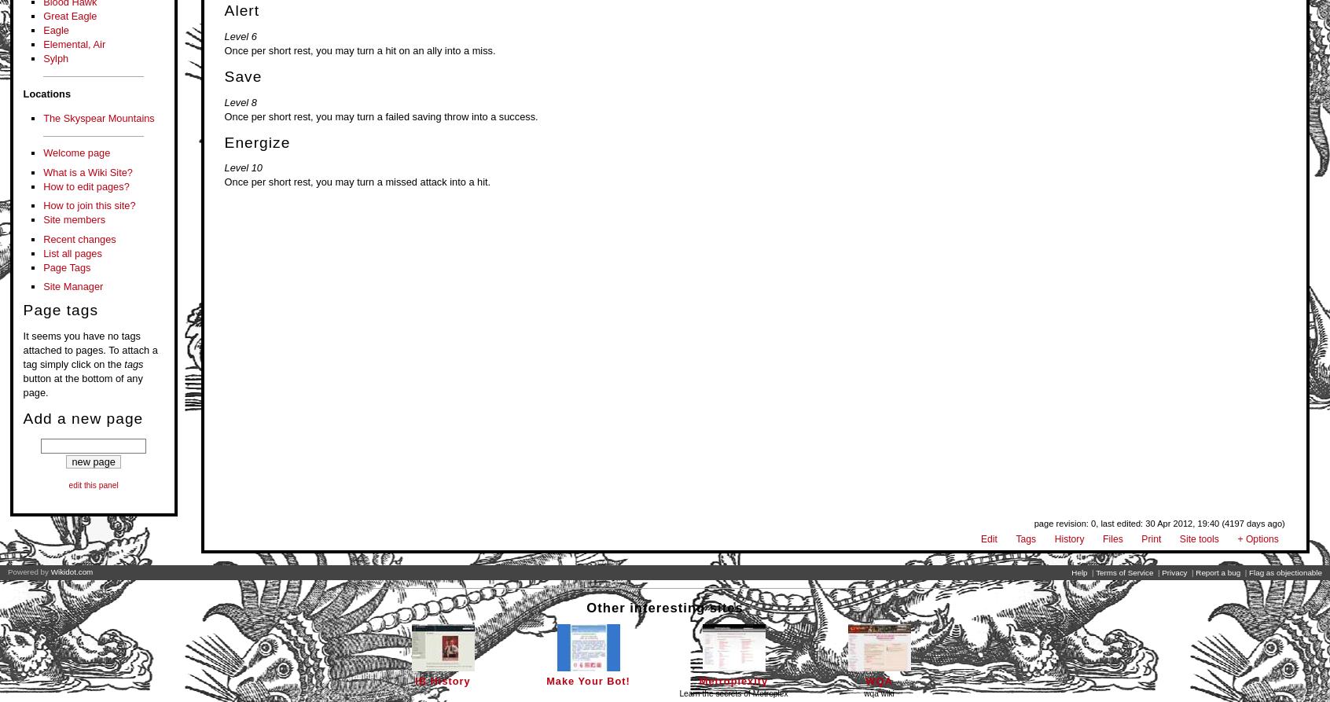 Image resolution: width=1330 pixels, height=702 pixels. Describe the element at coordinates (42, 266) in the screenshot. I see `'Page Tags'` at that location.